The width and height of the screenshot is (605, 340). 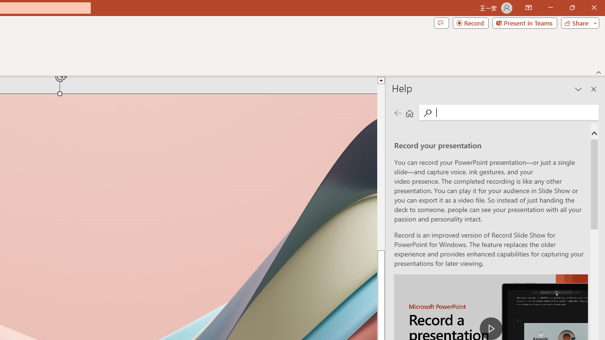 I want to click on 'Share', so click(x=578, y=22).